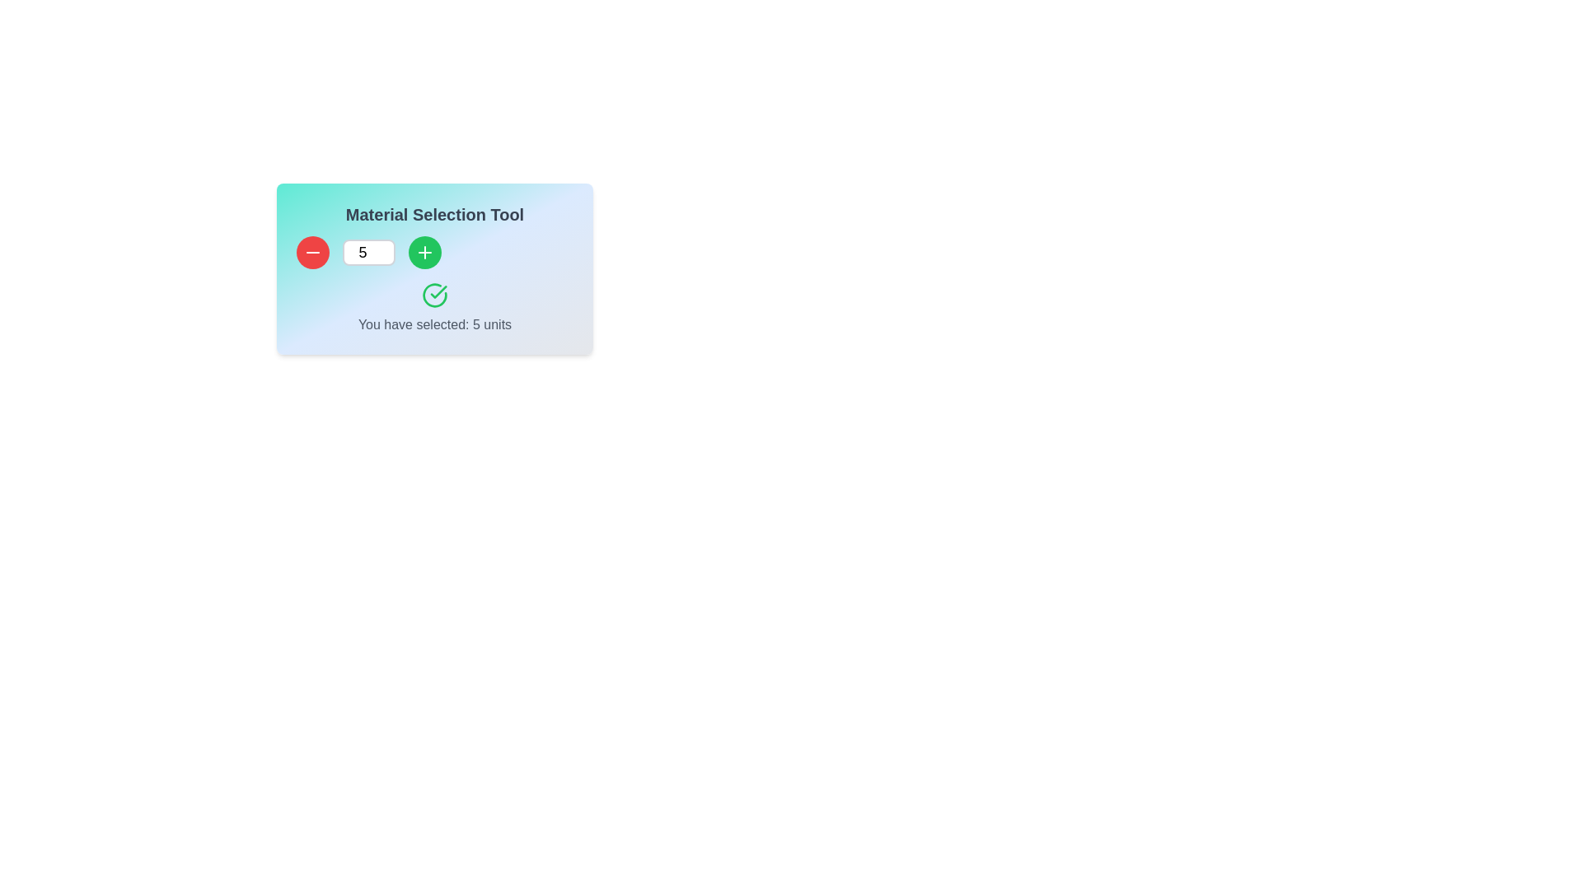 The image size is (1582, 889). I want to click on the increment button of the numerical stepper widget located in the 'Material Selection Tool' panel to increase the displayed value, so click(435, 253).